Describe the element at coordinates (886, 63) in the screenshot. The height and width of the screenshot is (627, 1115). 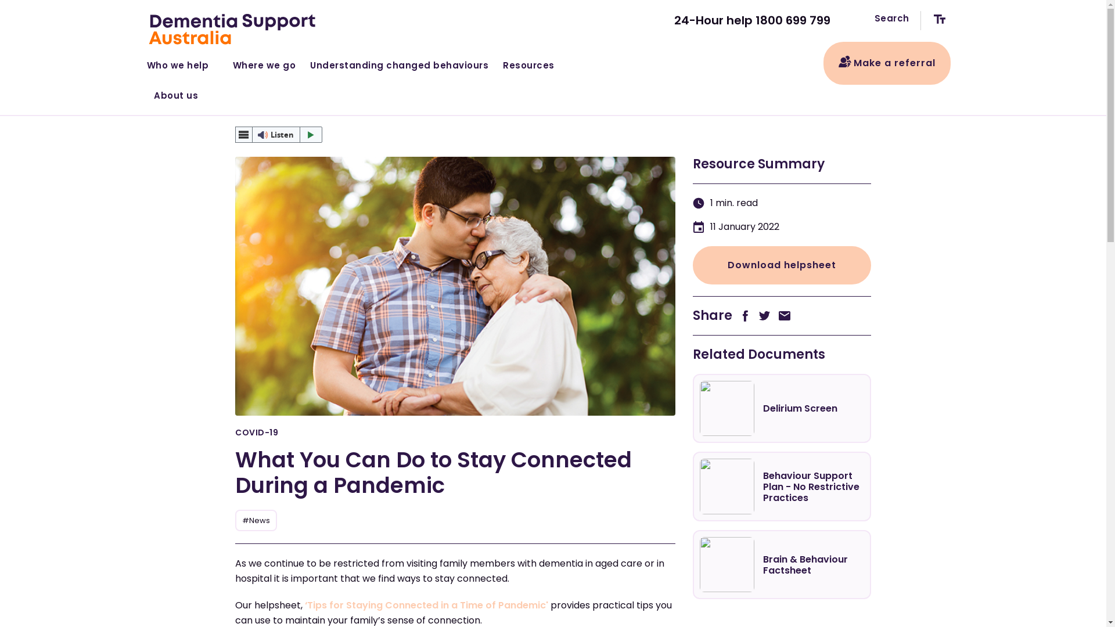
I see `'Make a referral'` at that location.